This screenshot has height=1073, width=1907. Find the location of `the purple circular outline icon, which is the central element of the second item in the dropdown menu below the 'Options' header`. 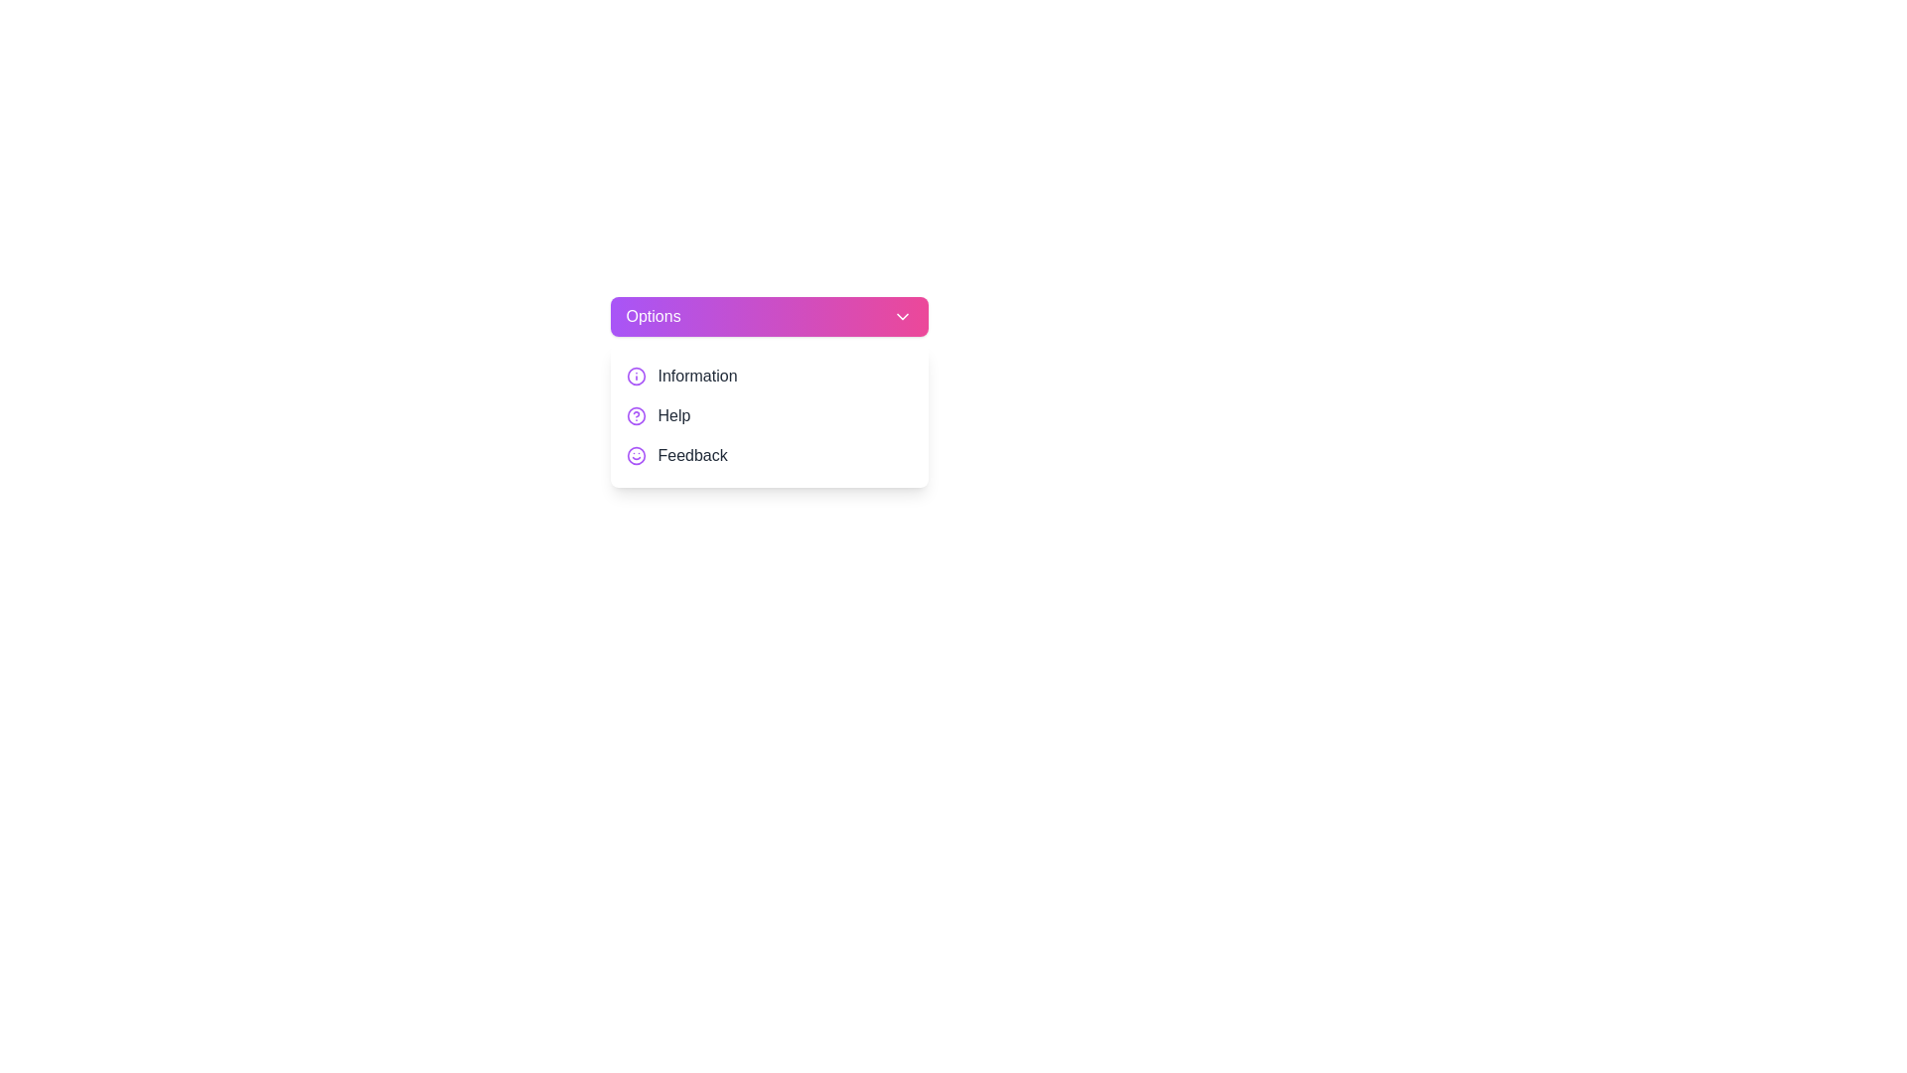

the purple circular outline icon, which is the central element of the second item in the dropdown menu below the 'Options' header is located at coordinates (636, 376).